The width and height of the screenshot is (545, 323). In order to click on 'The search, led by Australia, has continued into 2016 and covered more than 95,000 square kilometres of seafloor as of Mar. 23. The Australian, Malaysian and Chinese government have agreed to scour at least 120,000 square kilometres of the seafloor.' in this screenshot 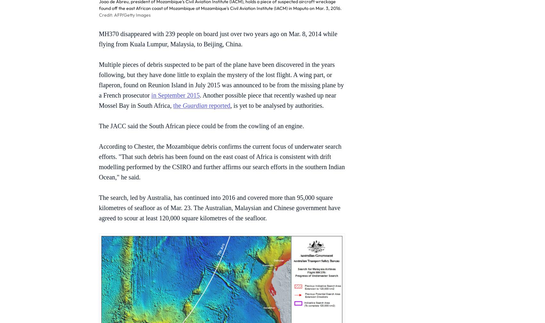, I will do `click(219, 208)`.